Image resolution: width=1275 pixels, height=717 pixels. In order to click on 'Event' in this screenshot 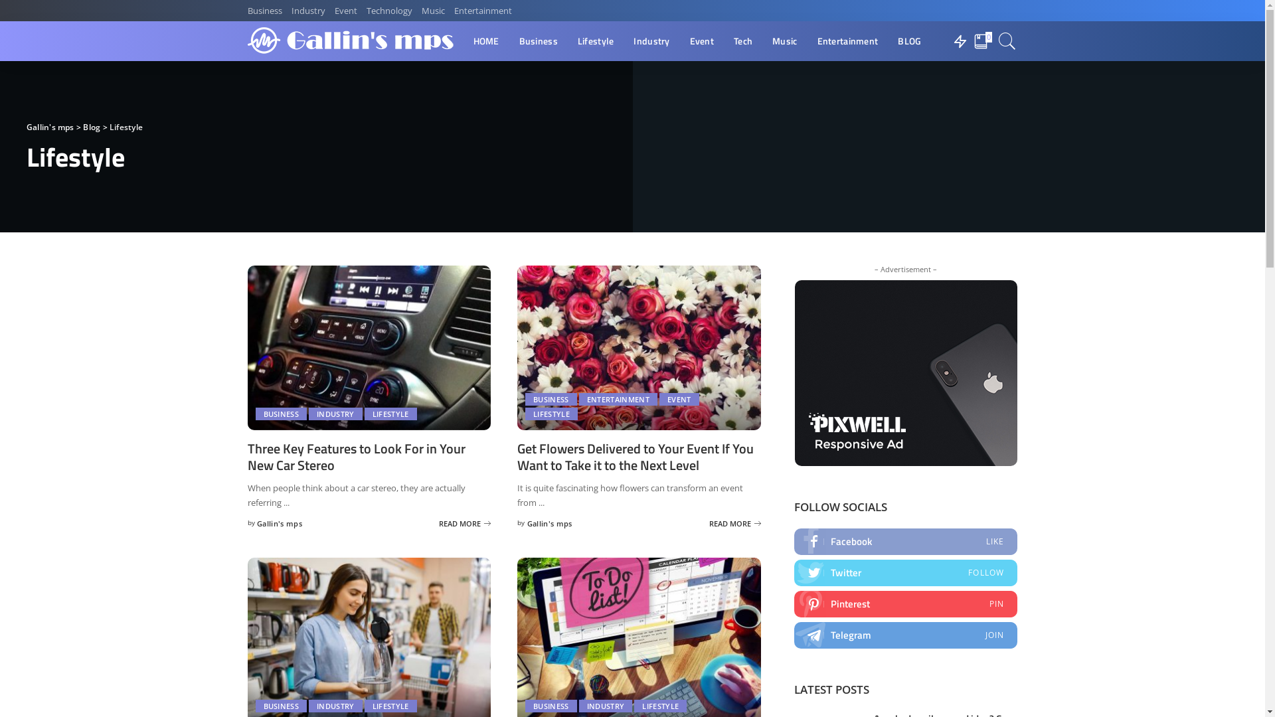, I will do `click(345, 11)`.